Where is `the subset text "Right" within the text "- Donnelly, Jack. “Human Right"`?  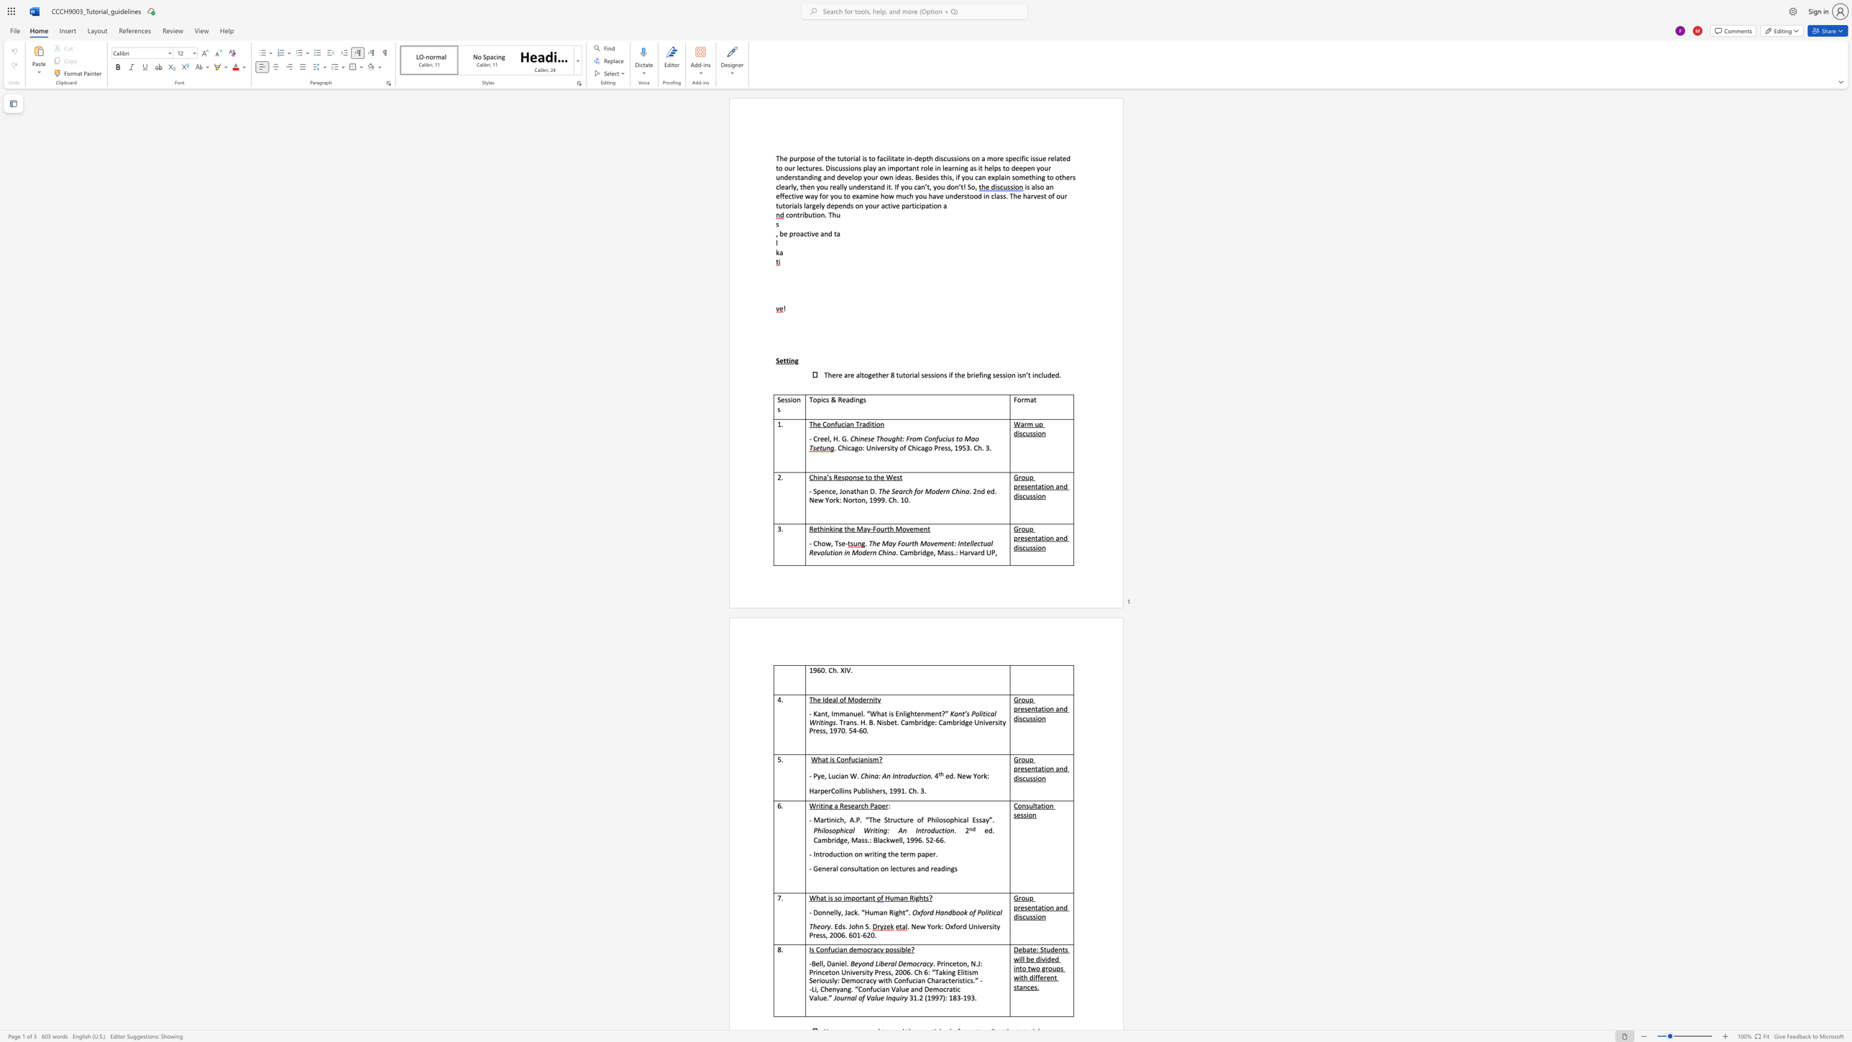 the subset text "Right" within the text "- Donnelly, Jack. “Human Right" is located at coordinates (889, 912).